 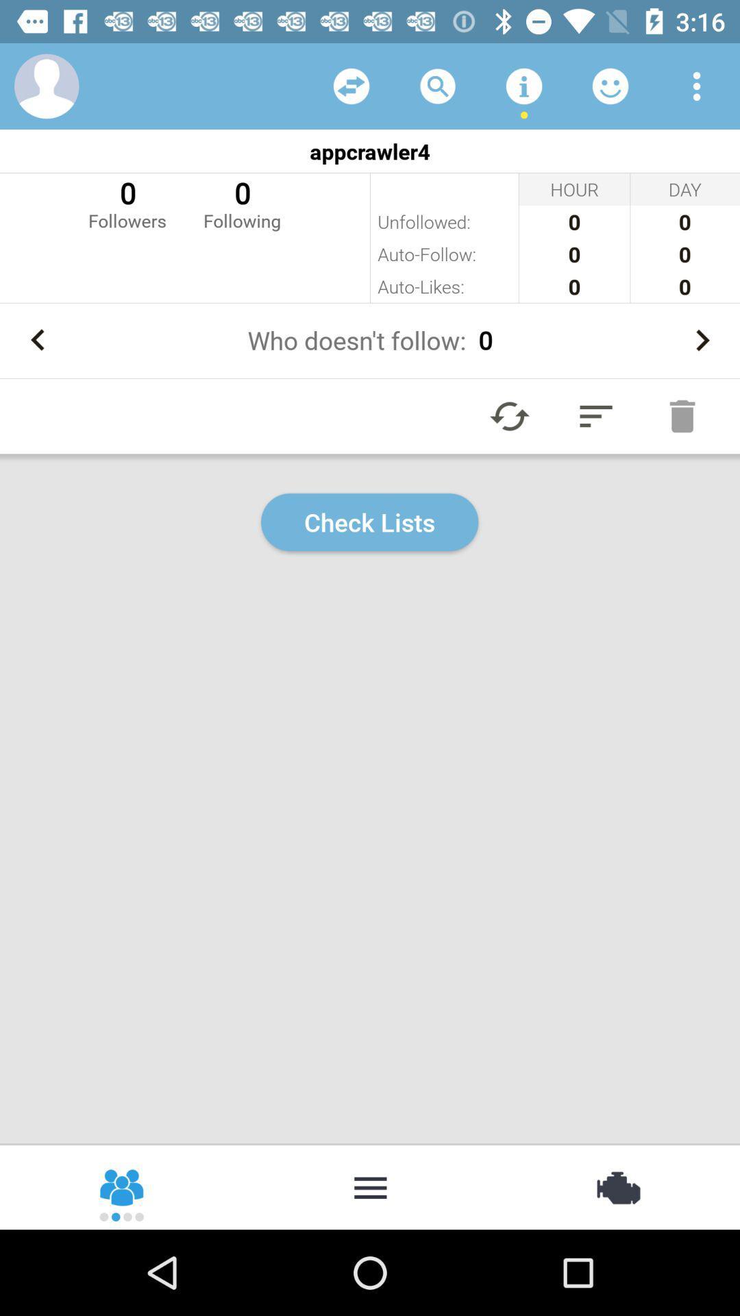 I want to click on the arrow_forward icon, so click(x=702, y=340).